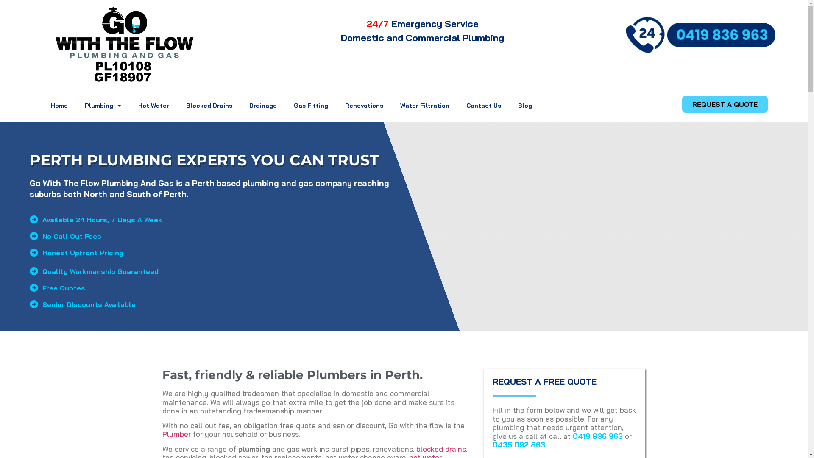 The height and width of the screenshot is (458, 814). What do you see at coordinates (103, 105) in the screenshot?
I see `'Plumbing'` at bounding box center [103, 105].